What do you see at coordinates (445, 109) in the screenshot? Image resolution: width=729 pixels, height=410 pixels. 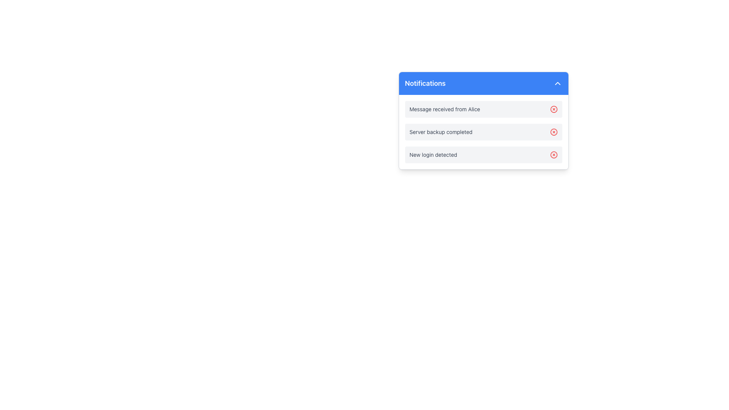 I see `the static text content displaying 'Message received from Alice' in the first notification item` at bounding box center [445, 109].